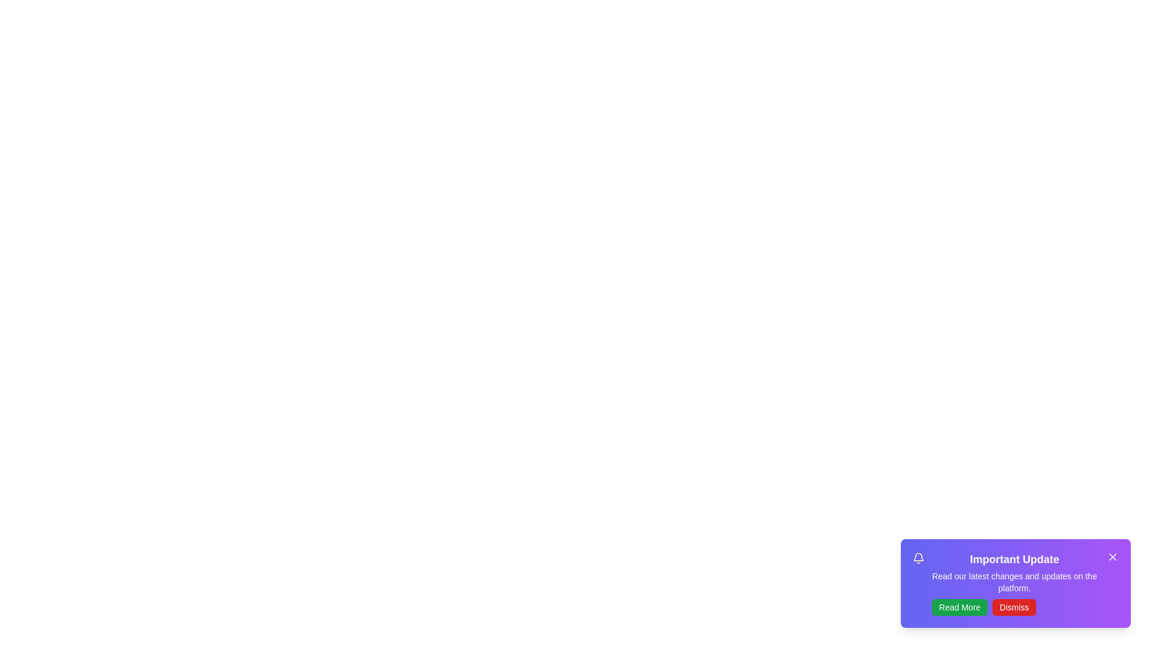 The height and width of the screenshot is (647, 1150). Describe the element at coordinates (1112, 557) in the screenshot. I see `close icon (X) on the notification snackbar to hide it` at that location.